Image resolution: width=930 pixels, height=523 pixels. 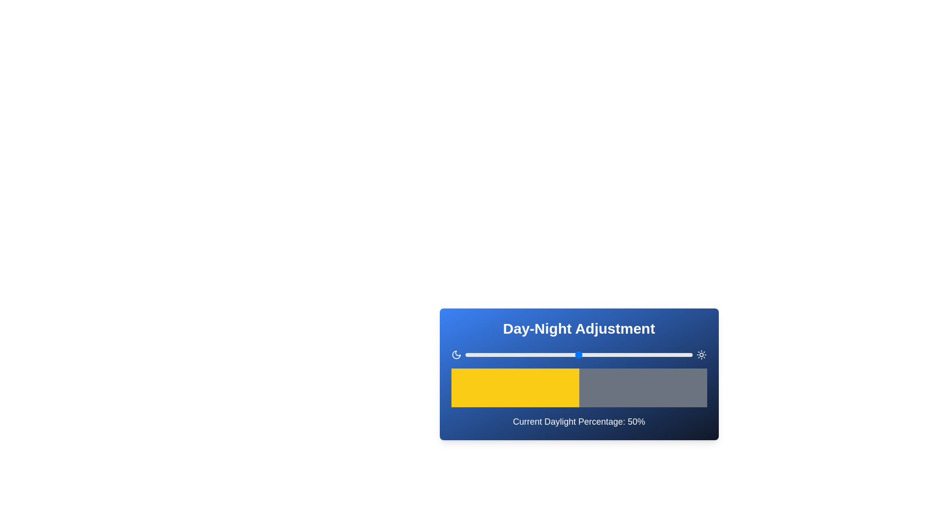 What do you see at coordinates (610, 354) in the screenshot?
I see `the daylight percentage slider to 64%` at bounding box center [610, 354].